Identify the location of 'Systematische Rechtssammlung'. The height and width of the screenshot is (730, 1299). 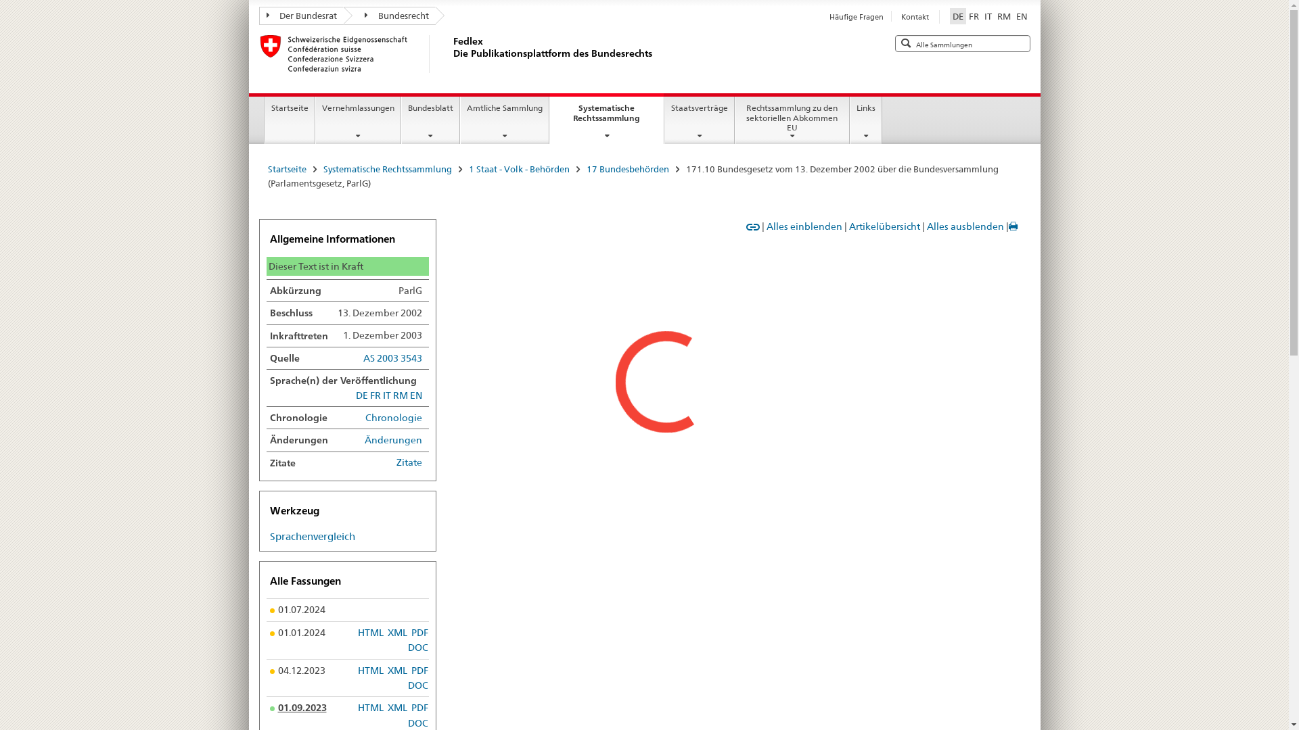
(386, 168).